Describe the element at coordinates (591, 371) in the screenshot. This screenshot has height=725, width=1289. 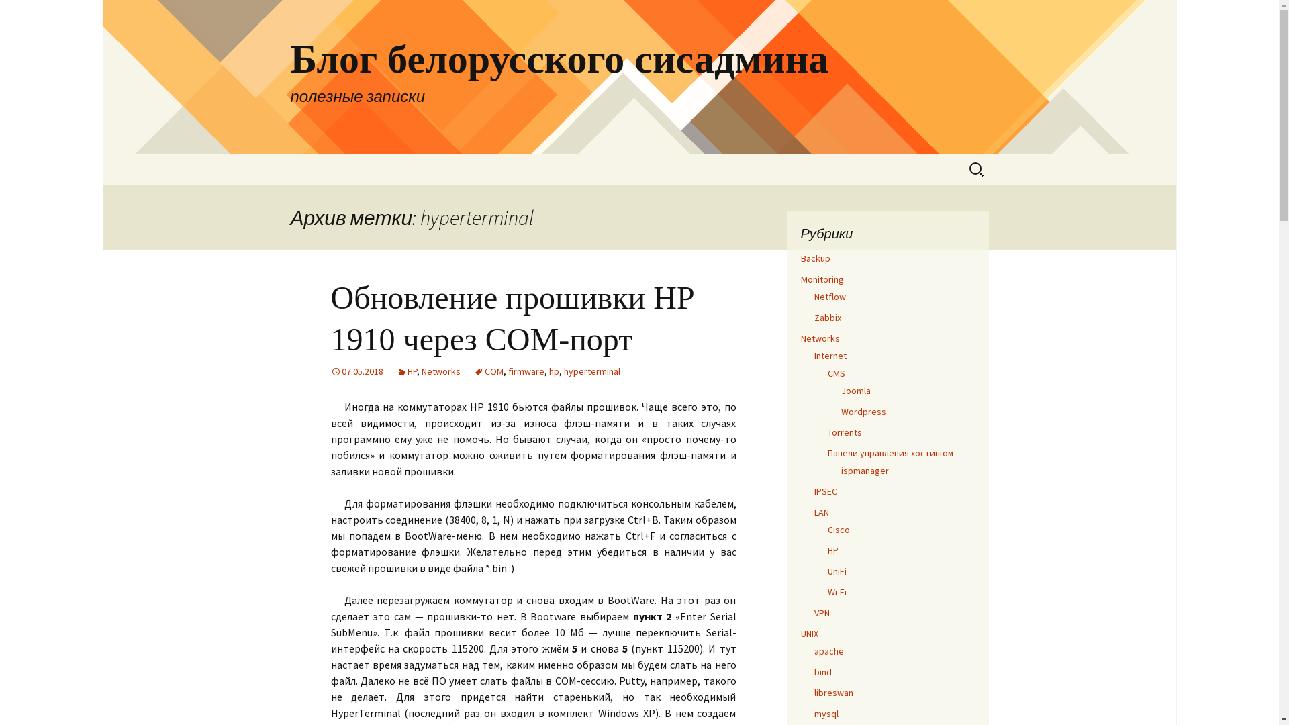
I see `'hyperterminal'` at that location.